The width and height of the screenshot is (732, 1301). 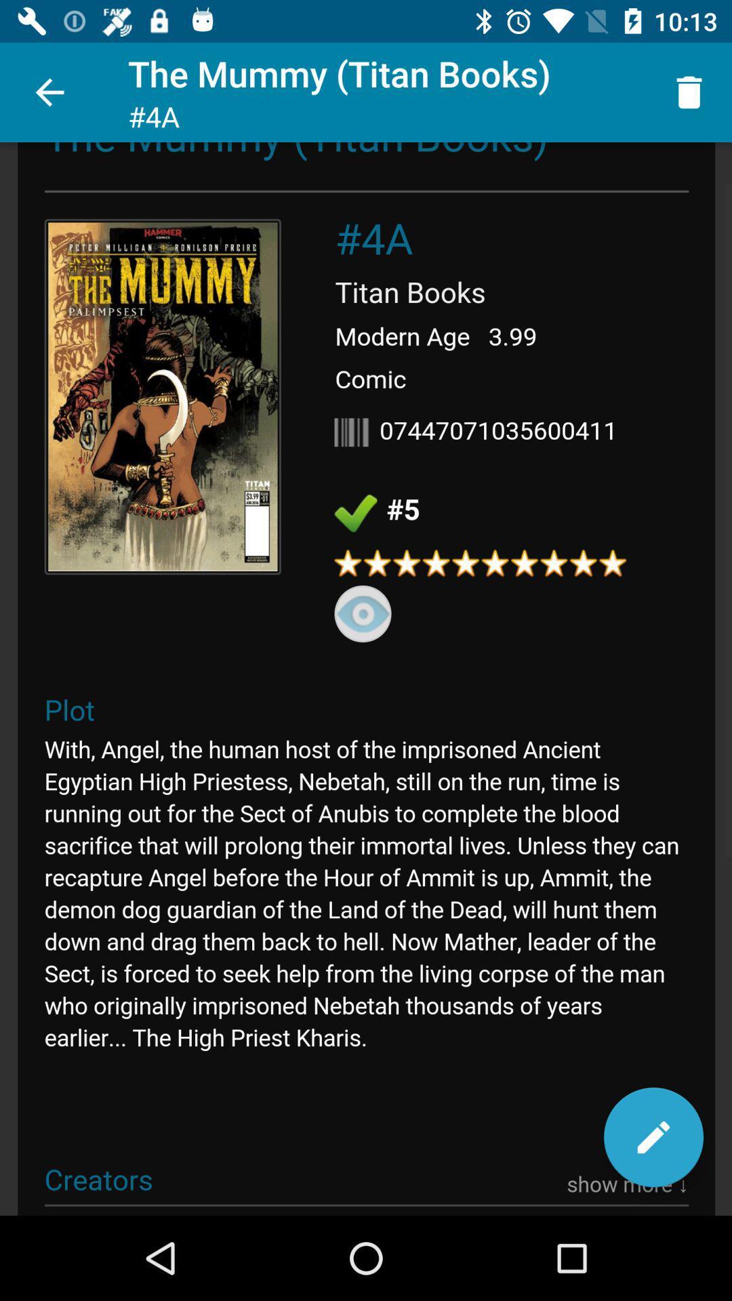 I want to click on icon at the top right corner, so click(x=689, y=91).